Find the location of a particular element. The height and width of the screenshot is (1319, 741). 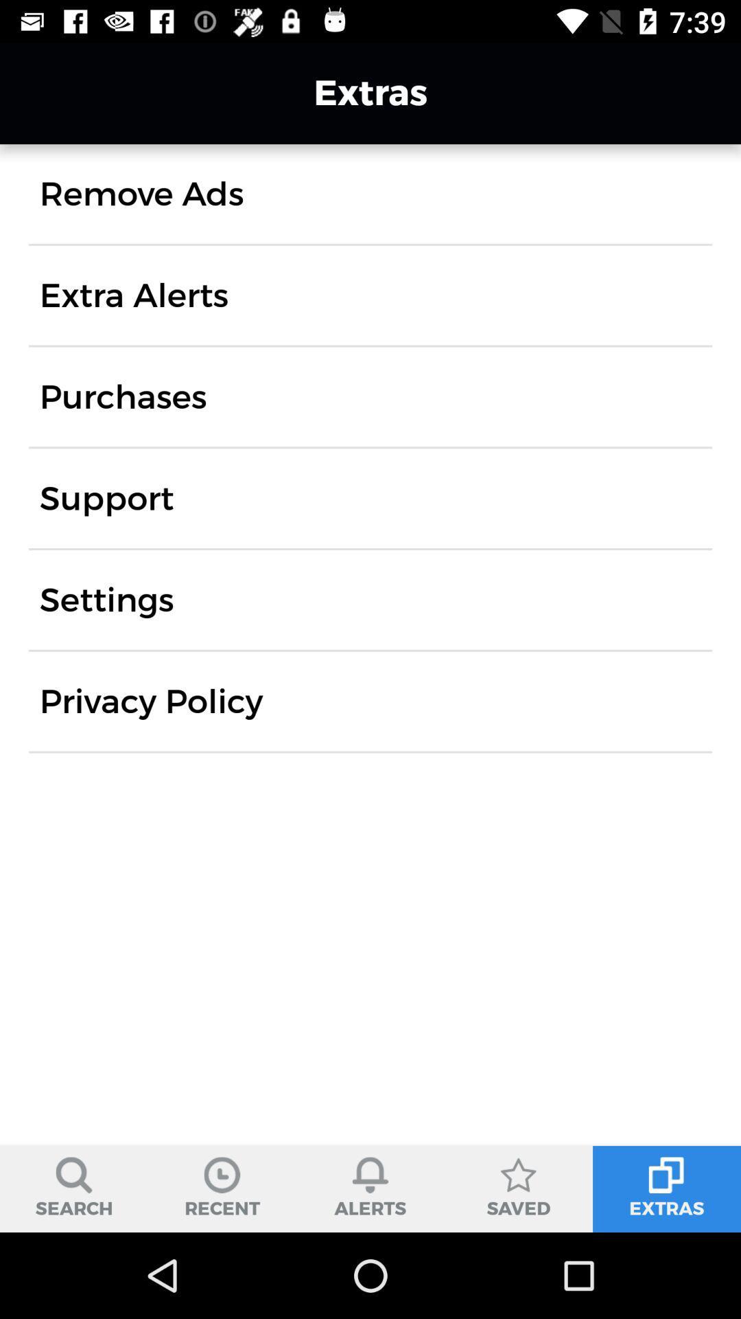

icon below the settings icon is located at coordinates (151, 701).